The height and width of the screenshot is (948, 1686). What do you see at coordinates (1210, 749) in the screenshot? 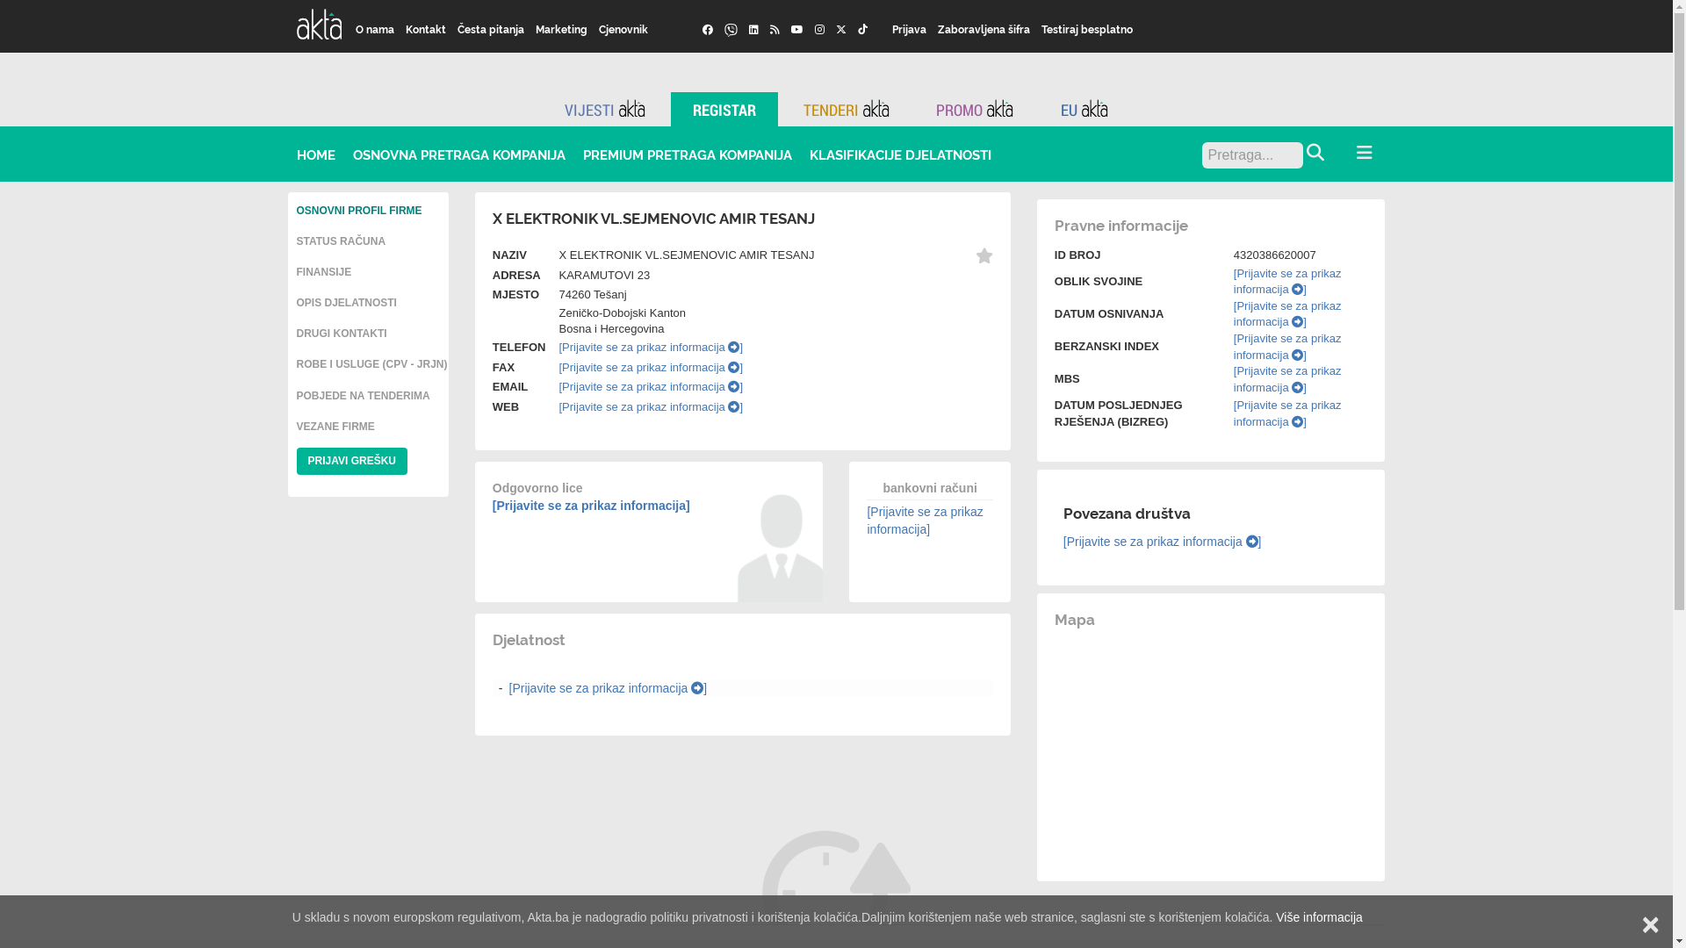
I see `'Map for KARAMUTOVI 23'` at bounding box center [1210, 749].